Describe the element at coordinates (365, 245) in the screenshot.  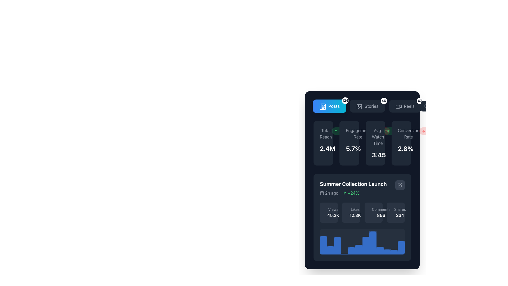
I see `the seventh blue vertical bar in the histogram of the 'Summer Collection Launch' widget to interact with it and possibly view more details` at that location.